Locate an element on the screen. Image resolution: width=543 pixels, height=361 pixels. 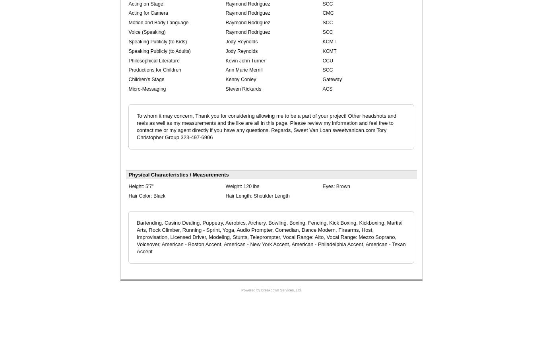
'5'7"' is located at coordinates (149, 186).